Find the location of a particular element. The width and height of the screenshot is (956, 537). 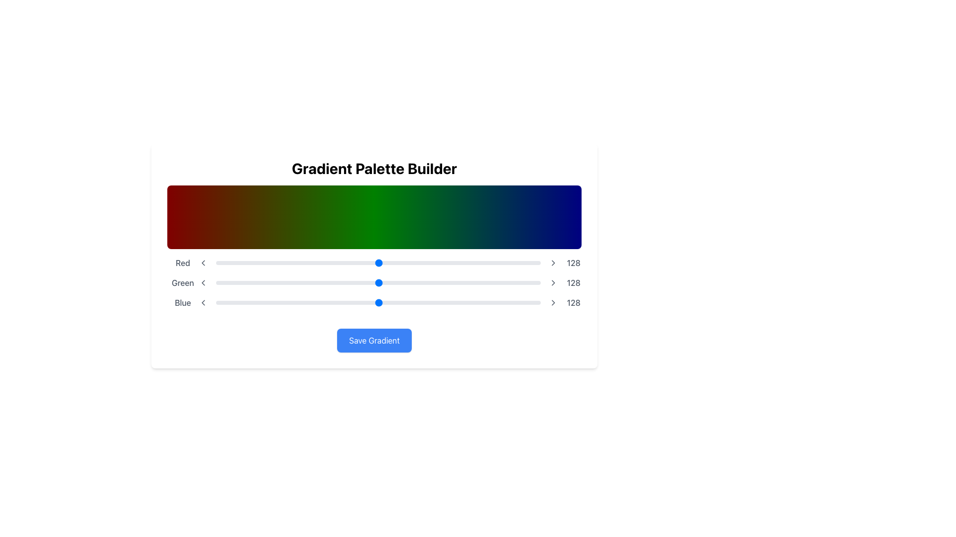

the text label displaying the number '128' in a medium gray font, located at the rightmost end of a horizontal row below the 'Blue' slider control is located at coordinates (574, 302).